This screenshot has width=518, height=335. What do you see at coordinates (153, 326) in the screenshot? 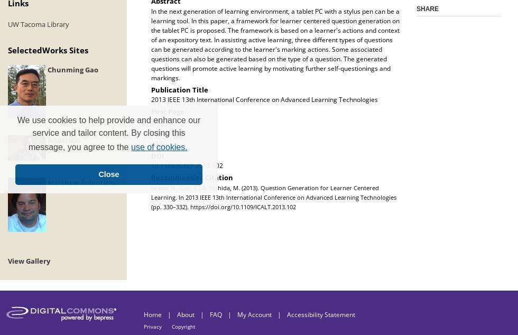
I see `'Privacy'` at bounding box center [153, 326].